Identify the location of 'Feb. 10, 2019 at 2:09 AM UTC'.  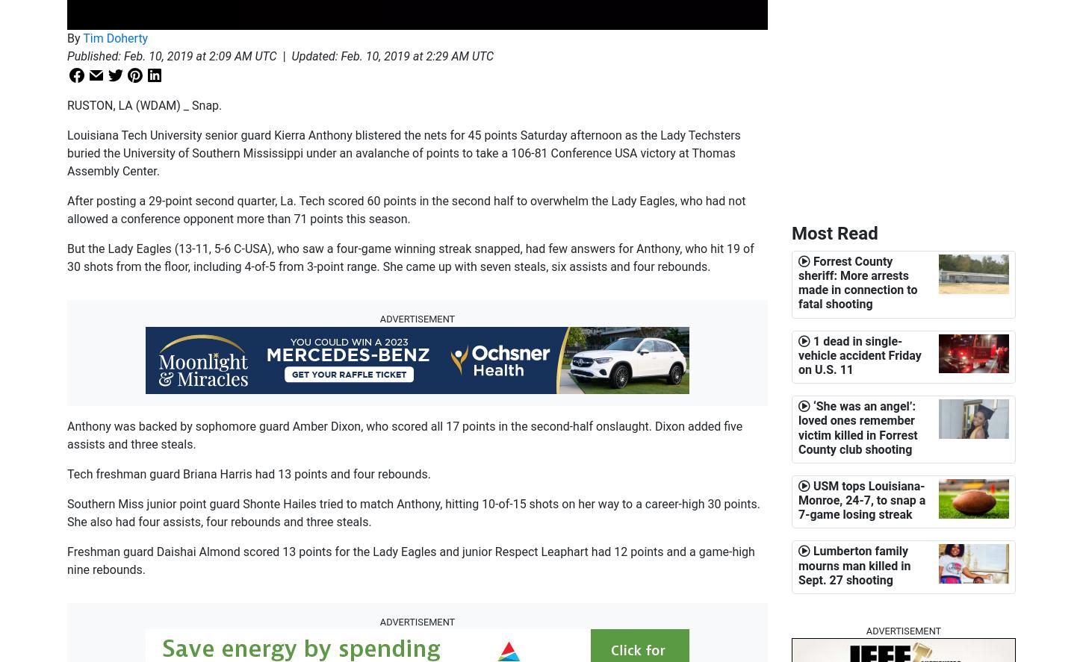
(199, 54).